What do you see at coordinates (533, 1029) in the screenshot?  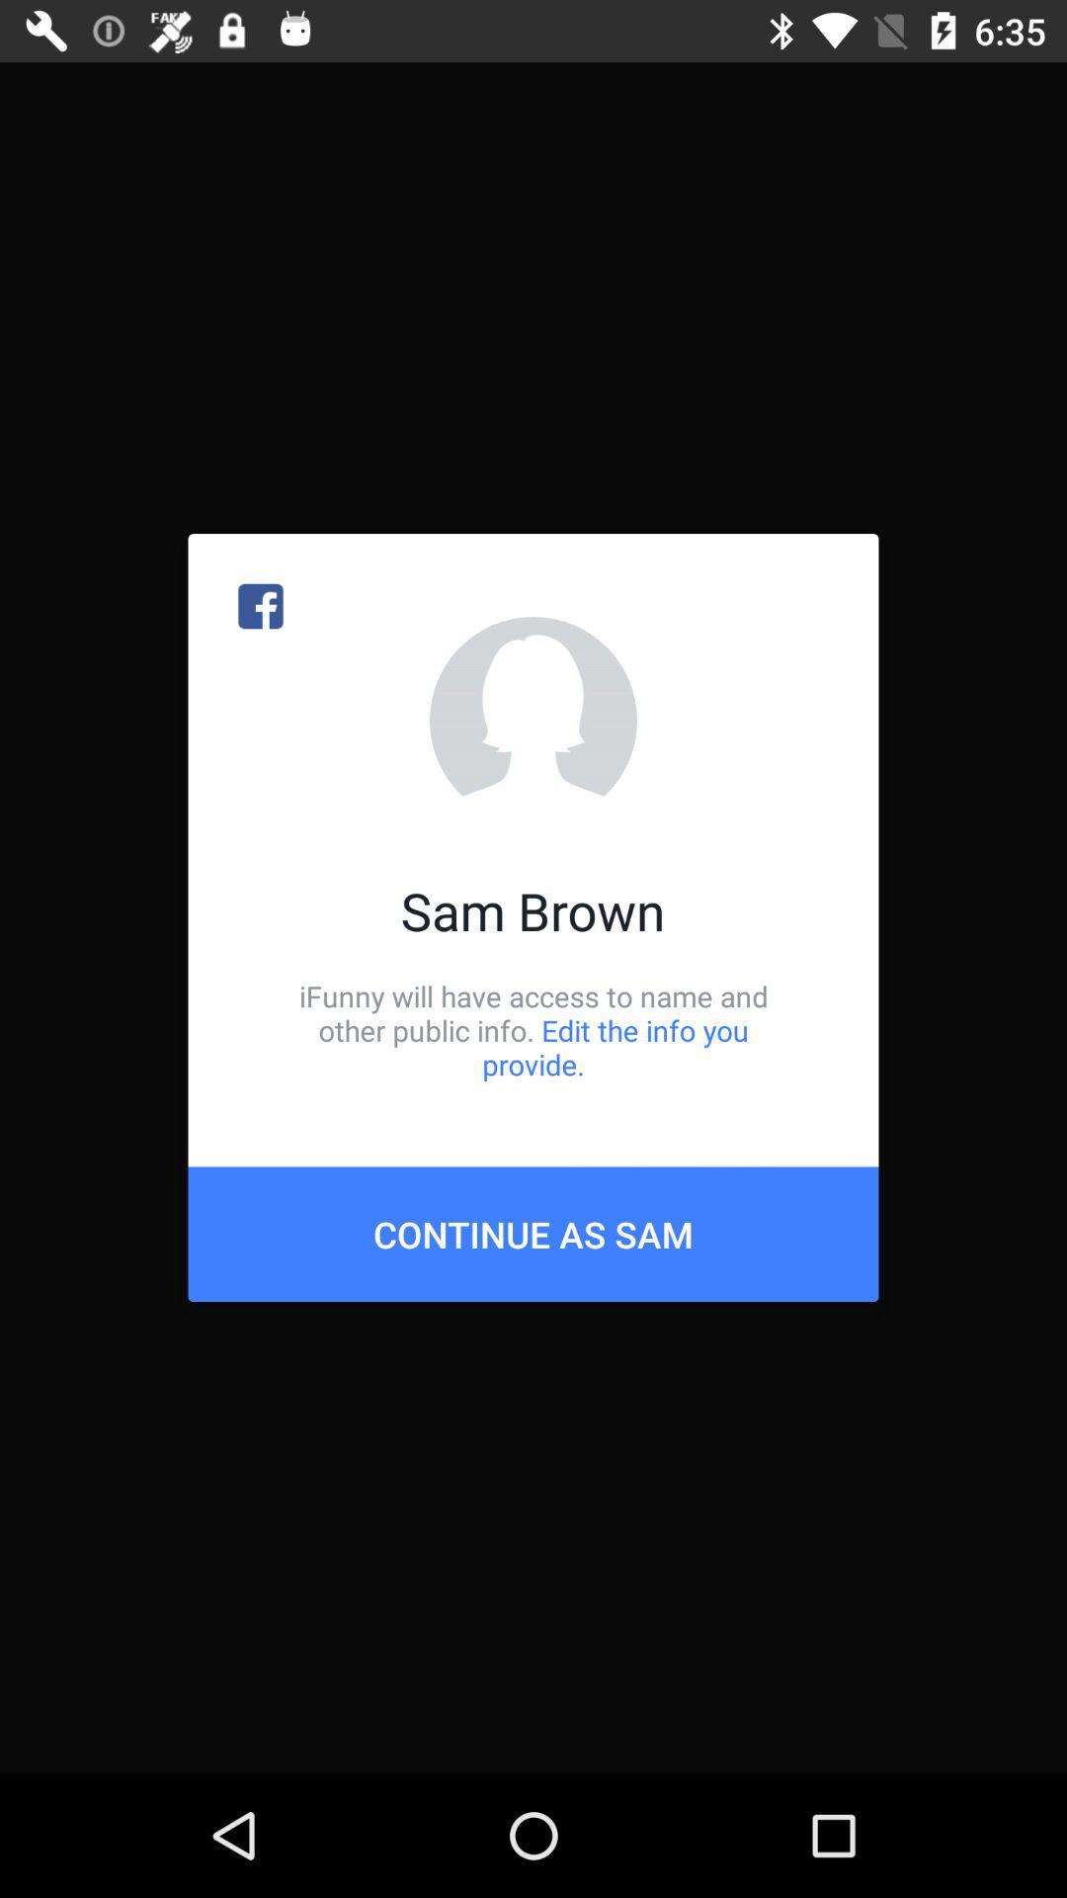 I see `the ifunny will have icon` at bounding box center [533, 1029].